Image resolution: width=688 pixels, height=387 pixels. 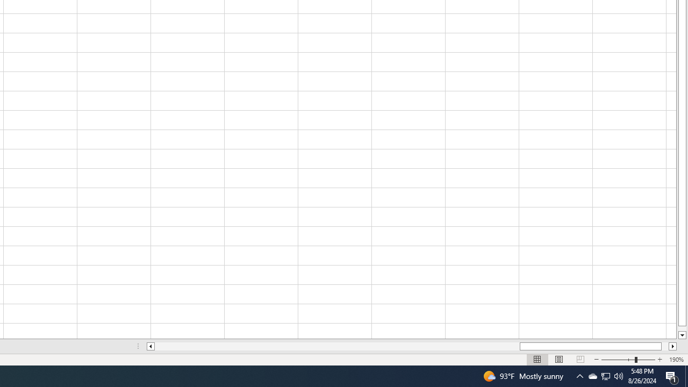 What do you see at coordinates (672, 346) in the screenshot?
I see `'Column right'` at bounding box center [672, 346].